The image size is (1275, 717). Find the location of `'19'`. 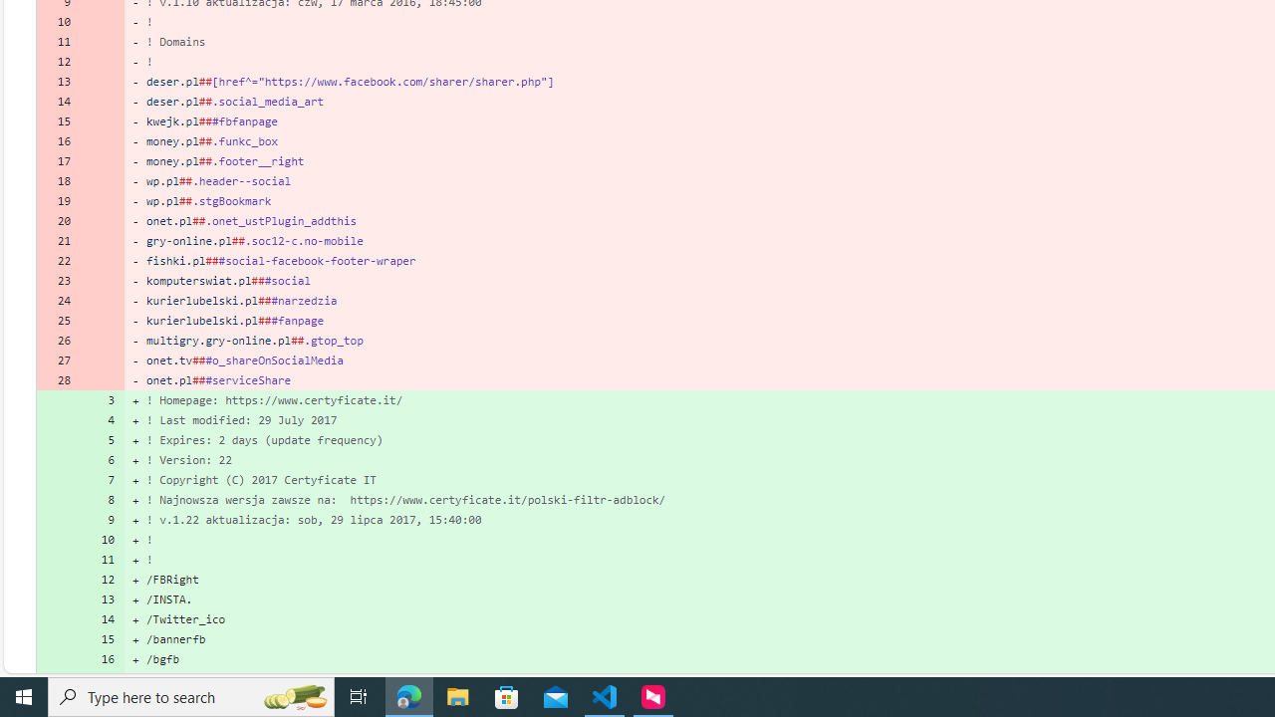

'19' is located at coordinates (58, 200).